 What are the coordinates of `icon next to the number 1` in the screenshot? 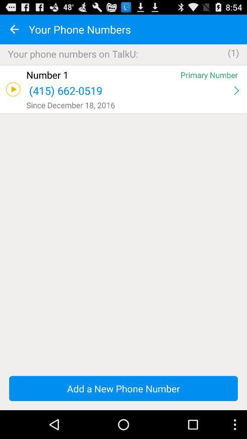 It's located at (209, 74).